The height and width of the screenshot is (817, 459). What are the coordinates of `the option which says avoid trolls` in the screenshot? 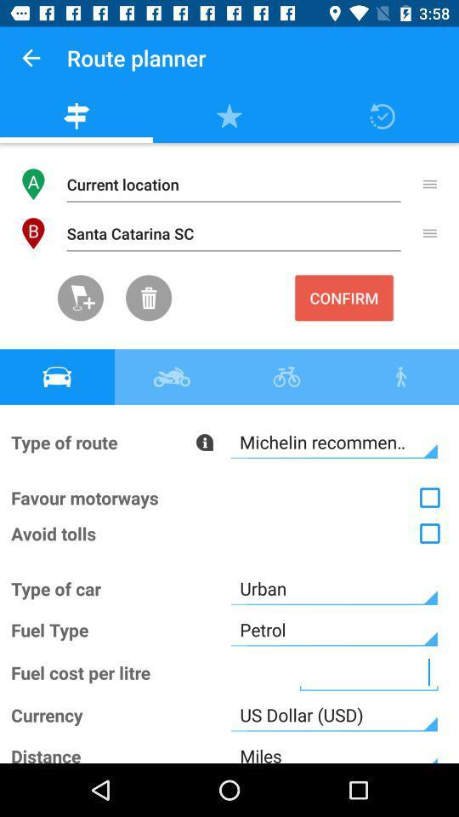 It's located at (229, 532).